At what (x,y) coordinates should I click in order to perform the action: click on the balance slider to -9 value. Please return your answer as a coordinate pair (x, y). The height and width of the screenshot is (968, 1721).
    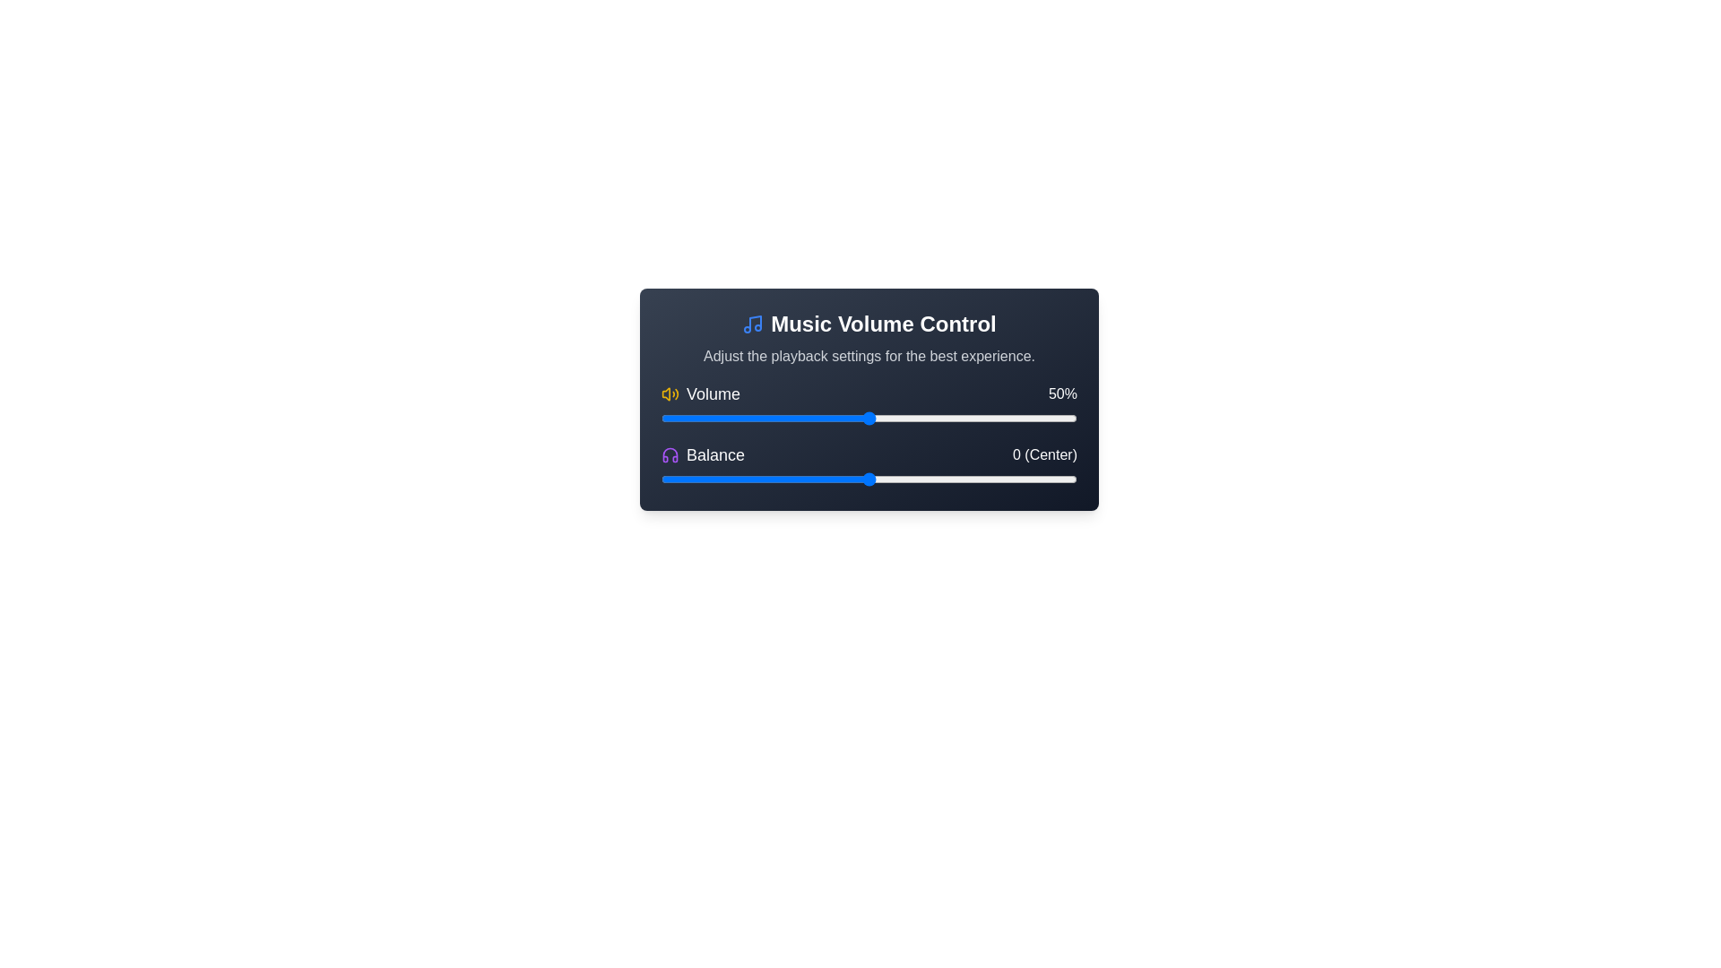
    Looking at the image, I should click on (831, 479).